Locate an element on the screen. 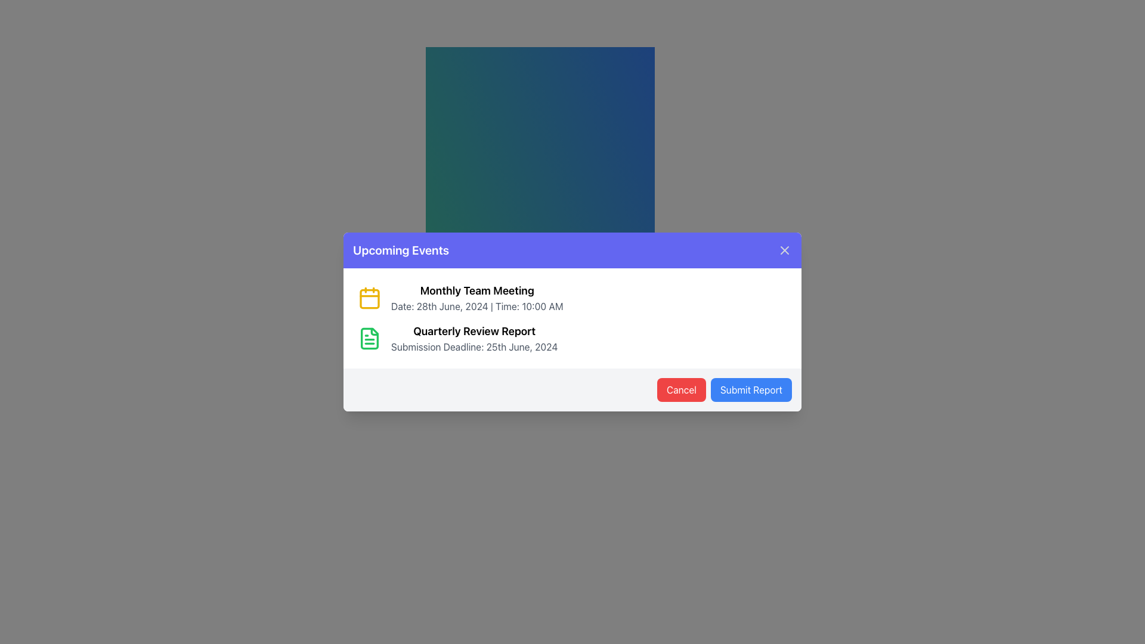  the submission button located at the bottom-right corner of the dialog box is located at coordinates (750, 390).